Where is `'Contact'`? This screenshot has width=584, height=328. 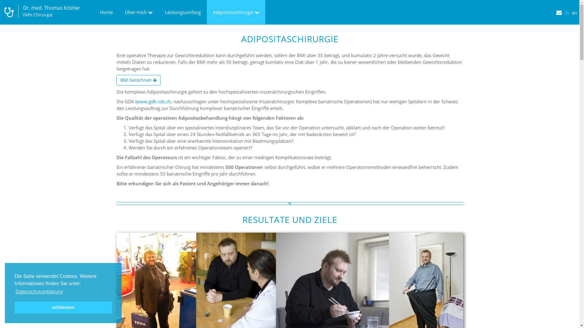
'Contact' is located at coordinates (560, 8).